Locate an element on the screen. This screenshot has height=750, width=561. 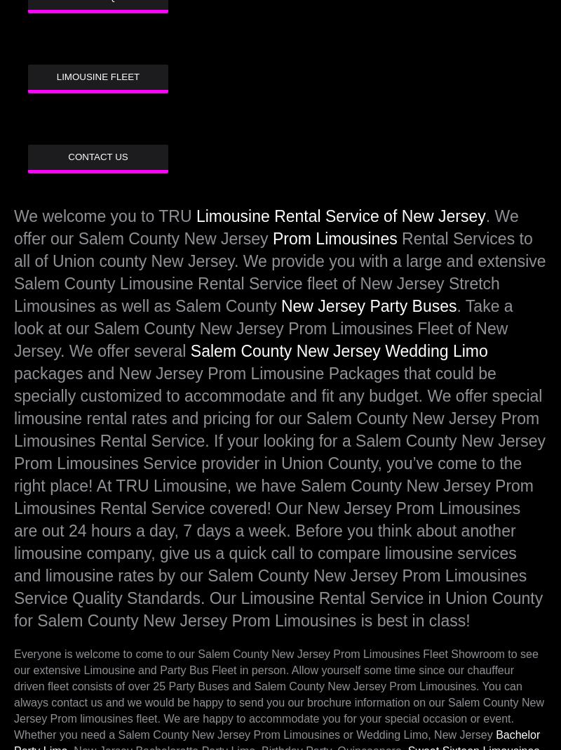
'Everyone is welcome to come to our Salem County New Jersey Prom Limousines Fleet Showroom to see our extensive Limousine and Party Bus Fleet in person. Allow yourself some time since our chauffeur driven fleet consists of over 25 Party Buses and Salem County New Jersey Prom Limousines. You can always contact us and we would be happy to send you our brochure information on our Salem County New Jersey Prom limousines fleet. We are happy to accommodate you for your special occasion or event. Whether you need a Salem County New Jersey Prom Limousines or Wedding Limo, New Jersey' is located at coordinates (278, 694).